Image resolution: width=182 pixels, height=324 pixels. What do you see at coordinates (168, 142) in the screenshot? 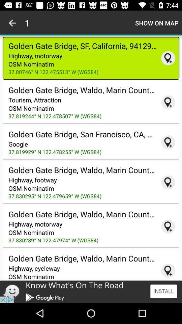
I see `pin location` at bounding box center [168, 142].